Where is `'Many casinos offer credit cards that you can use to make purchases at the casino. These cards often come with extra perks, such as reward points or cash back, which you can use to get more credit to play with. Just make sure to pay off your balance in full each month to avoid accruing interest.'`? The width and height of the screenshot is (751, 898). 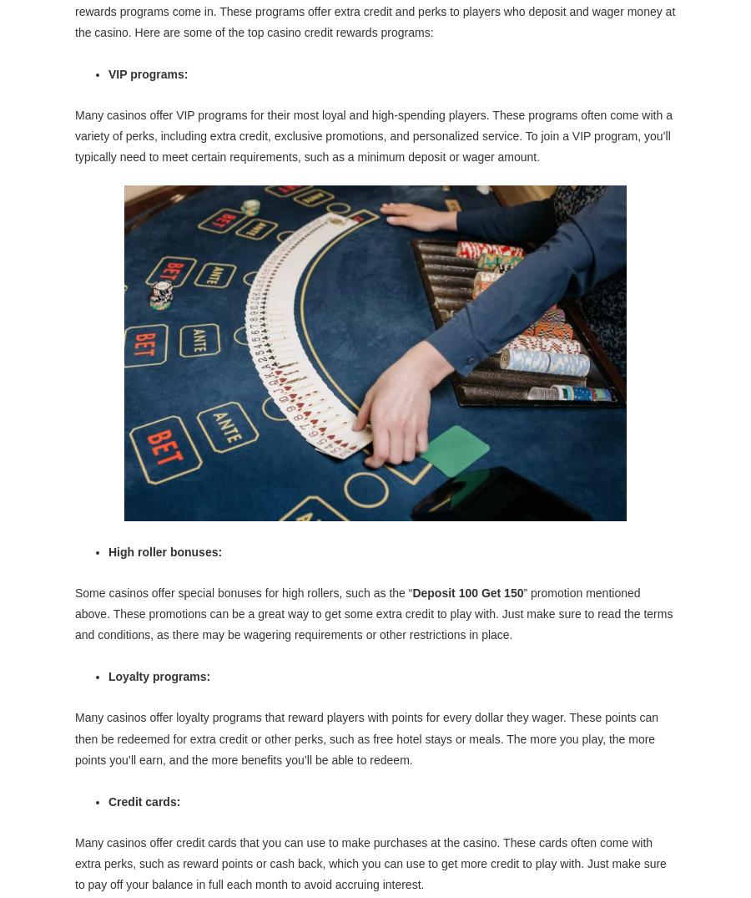 'Many casinos offer credit cards that you can use to make purchases at the casino. These cards often come with extra perks, such as reward points or cash back, which you can use to get more credit to play with. Just make sure to pay off your balance in full each month to avoid accruing interest.' is located at coordinates (370, 863).